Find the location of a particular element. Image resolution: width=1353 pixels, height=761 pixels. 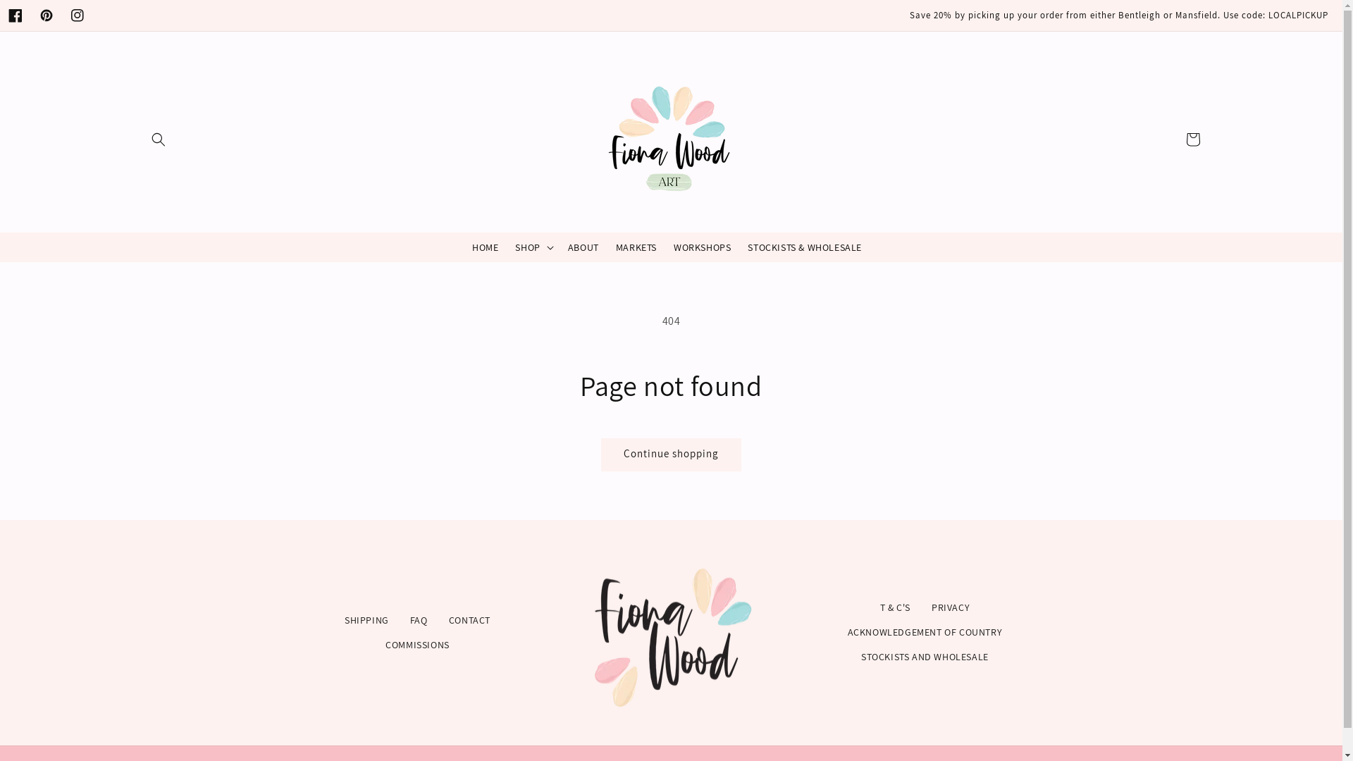

'STOCKISTS AND WHOLESALE' is located at coordinates (925, 657).